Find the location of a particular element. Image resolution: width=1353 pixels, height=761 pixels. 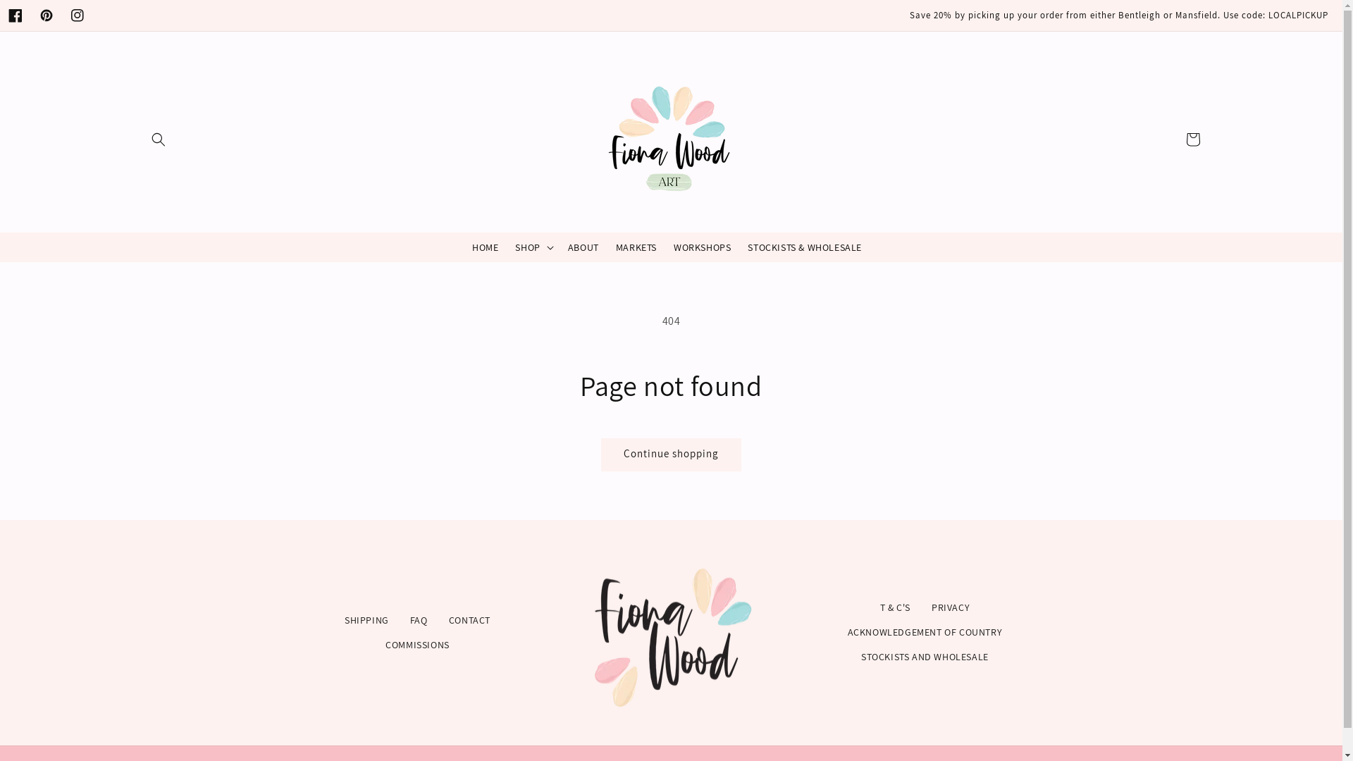

'STOCKISTS AND WHOLESALE' is located at coordinates (925, 657).